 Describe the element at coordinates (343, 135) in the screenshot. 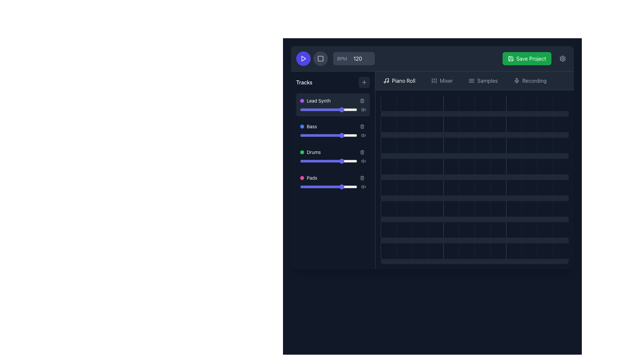

I see `the slider` at that location.